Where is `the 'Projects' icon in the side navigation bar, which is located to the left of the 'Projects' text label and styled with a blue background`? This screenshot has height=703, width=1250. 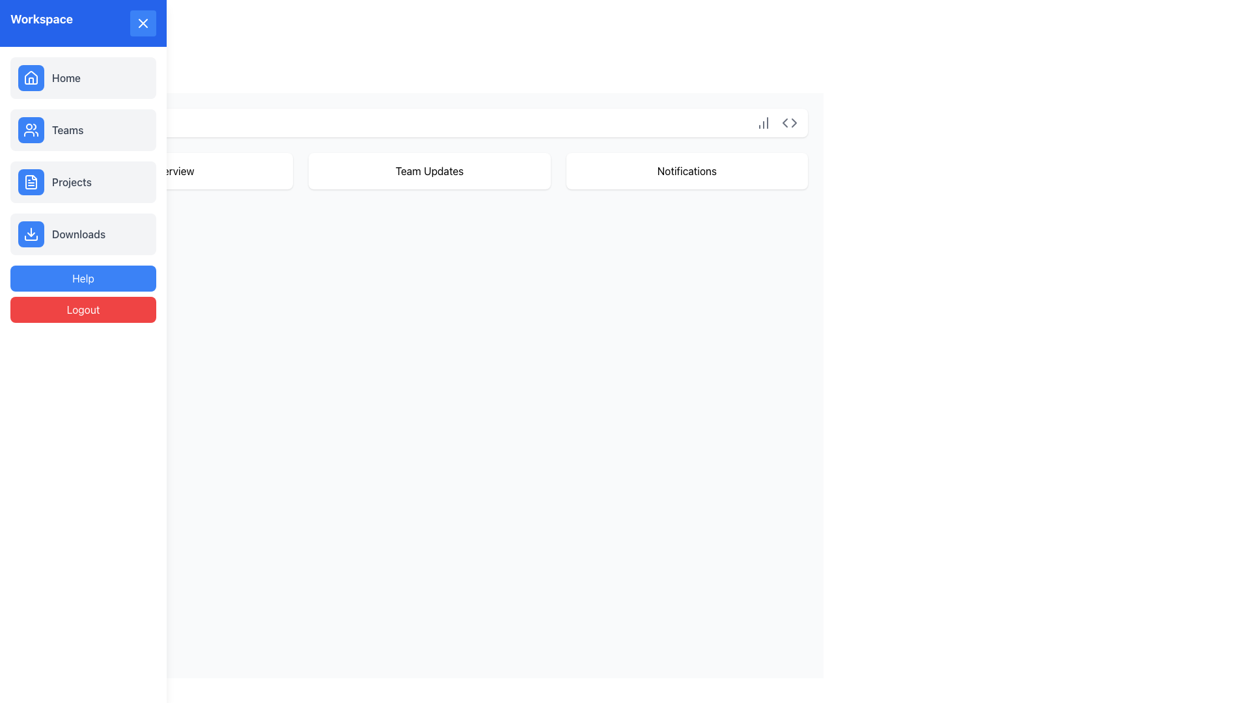 the 'Projects' icon in the side navigation bar, which is located to the left of the 'Projects' text label and styled with a blue background is located at coordinates (31, 182).